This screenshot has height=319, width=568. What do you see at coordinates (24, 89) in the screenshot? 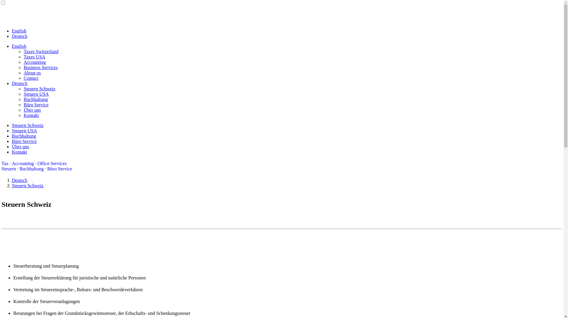
I see `'Steuern Schweiz'` at bounding box center [24, 89].